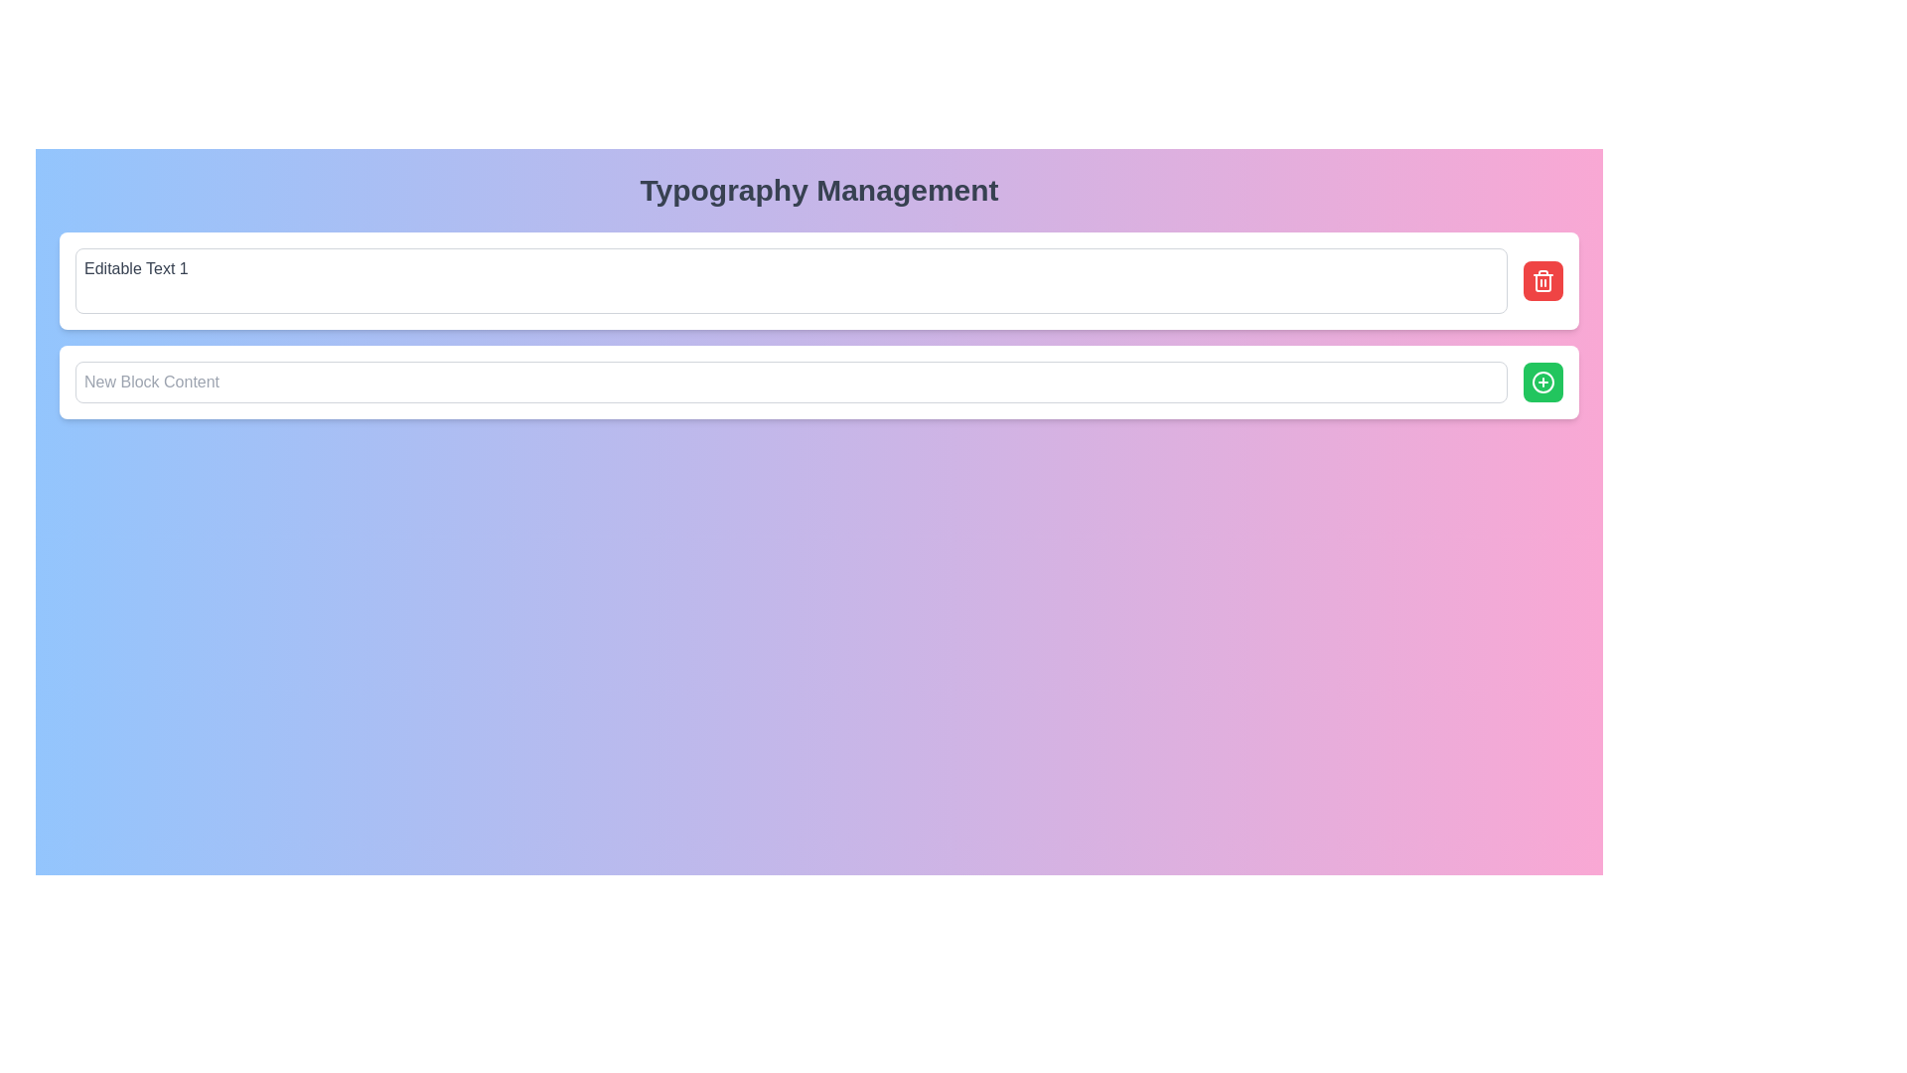  Describe the element at coordinates (1542, 383) in the screenshot. I see `the green button with a white plus icon` at that location.